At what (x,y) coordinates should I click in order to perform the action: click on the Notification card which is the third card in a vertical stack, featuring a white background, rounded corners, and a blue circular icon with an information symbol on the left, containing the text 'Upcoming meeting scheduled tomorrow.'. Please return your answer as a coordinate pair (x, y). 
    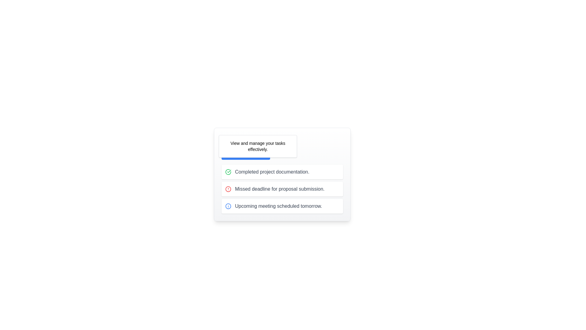
    Looking at the image, I should click on (282, 206).